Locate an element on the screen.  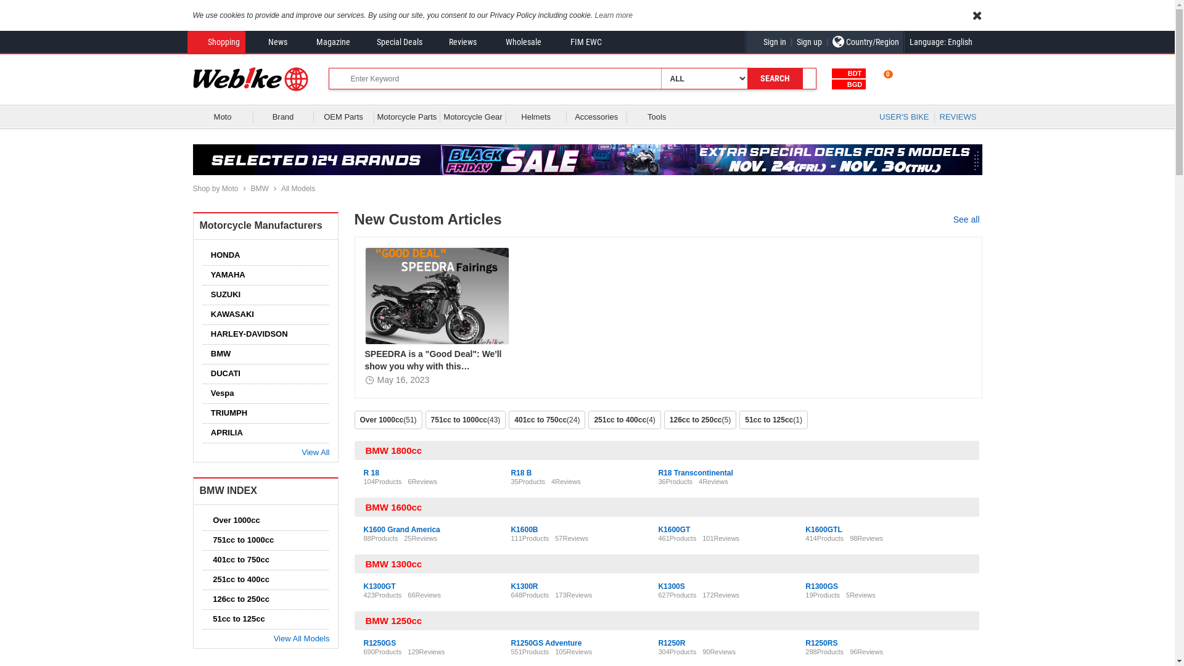
'36Products' is located at coordinates (674, 480).